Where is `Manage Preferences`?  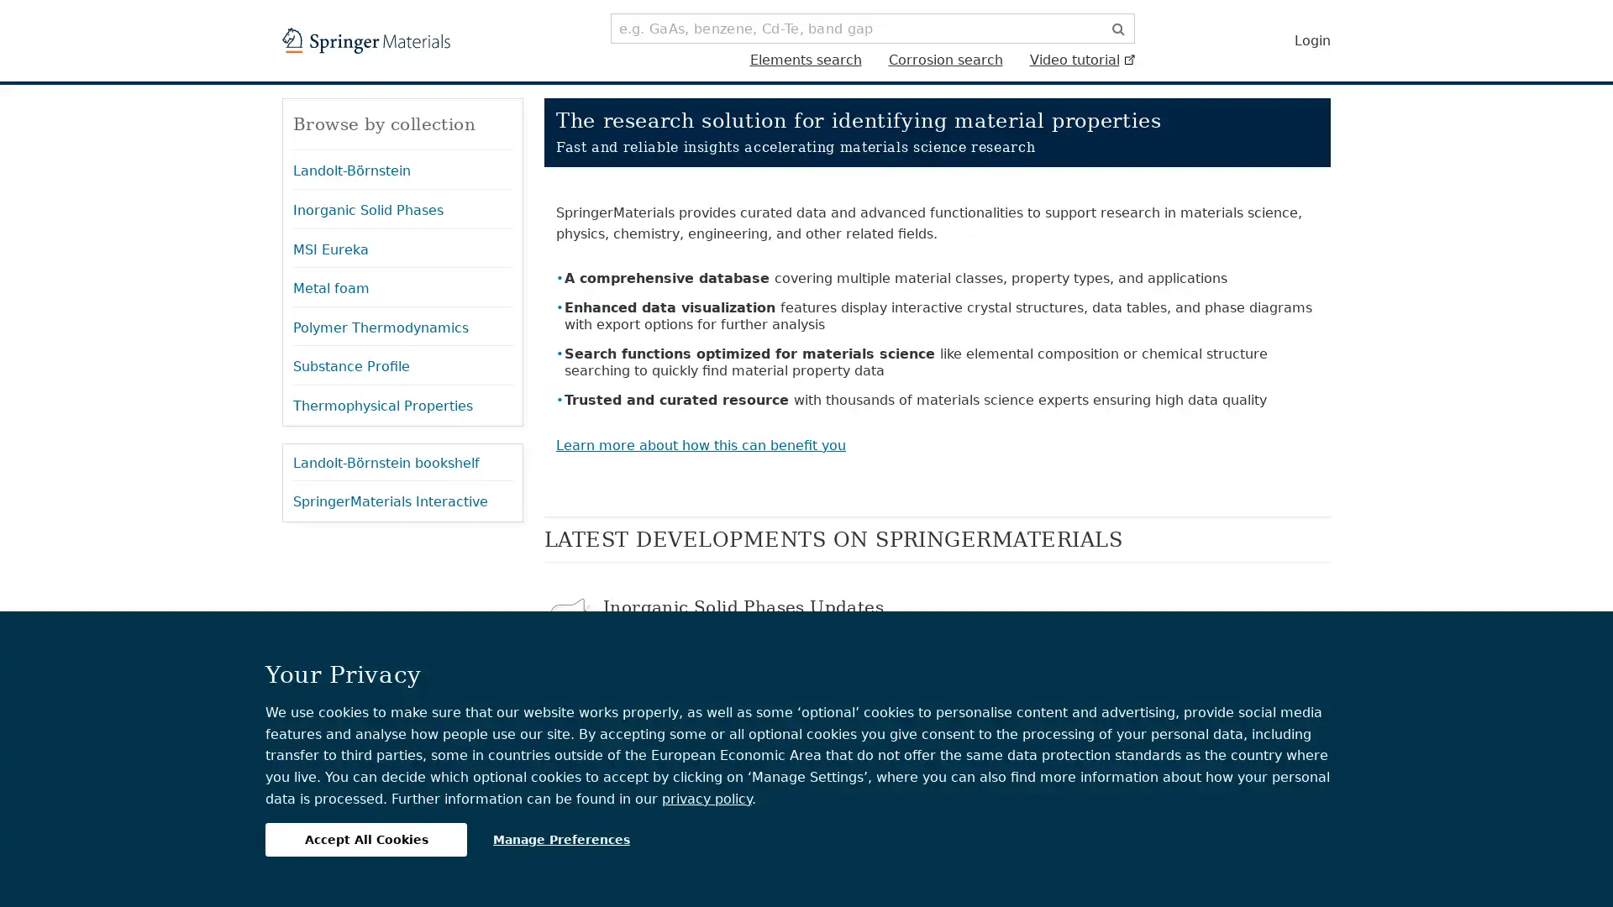
Manage Preferences is located at coordinates (561, 839).